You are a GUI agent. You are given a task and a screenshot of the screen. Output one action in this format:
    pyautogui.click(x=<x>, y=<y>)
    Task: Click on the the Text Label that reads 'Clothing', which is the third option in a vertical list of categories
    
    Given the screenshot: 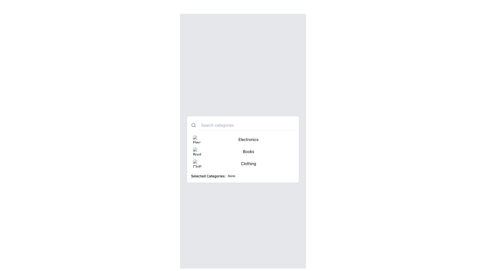 What is the action you would take?
    pyautogui.click(x=248, y=163)
    